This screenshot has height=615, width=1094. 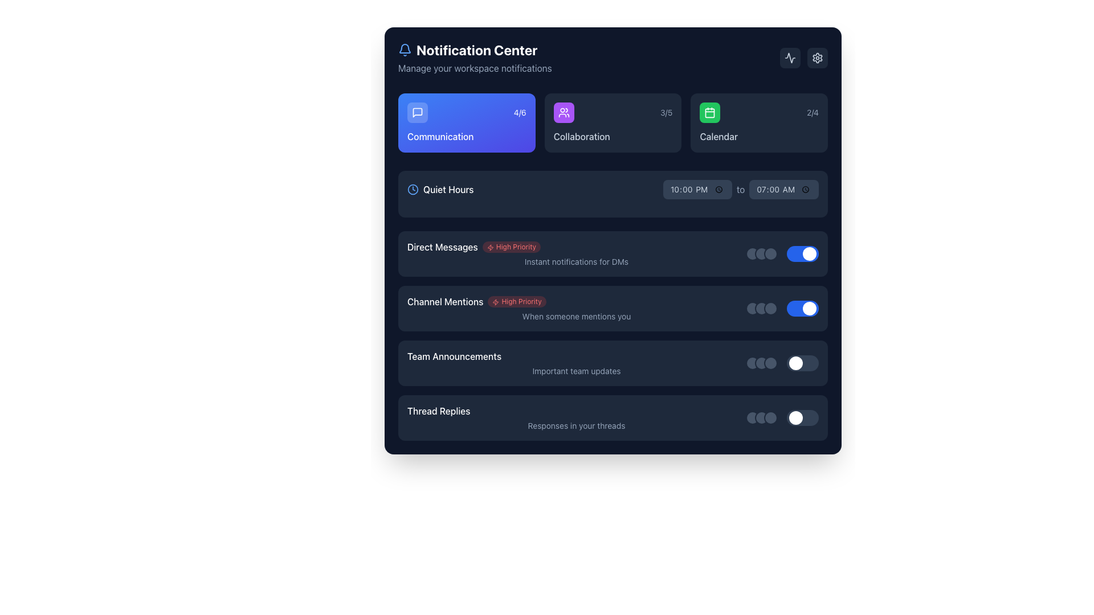 What do you see at coordinates (448, 188) in the screenshot?
I see `the 'Quiet Hours' text label in the Notification Center's Communication tab, which is adjacent to a clock icon` at bounding box center [448, 188].